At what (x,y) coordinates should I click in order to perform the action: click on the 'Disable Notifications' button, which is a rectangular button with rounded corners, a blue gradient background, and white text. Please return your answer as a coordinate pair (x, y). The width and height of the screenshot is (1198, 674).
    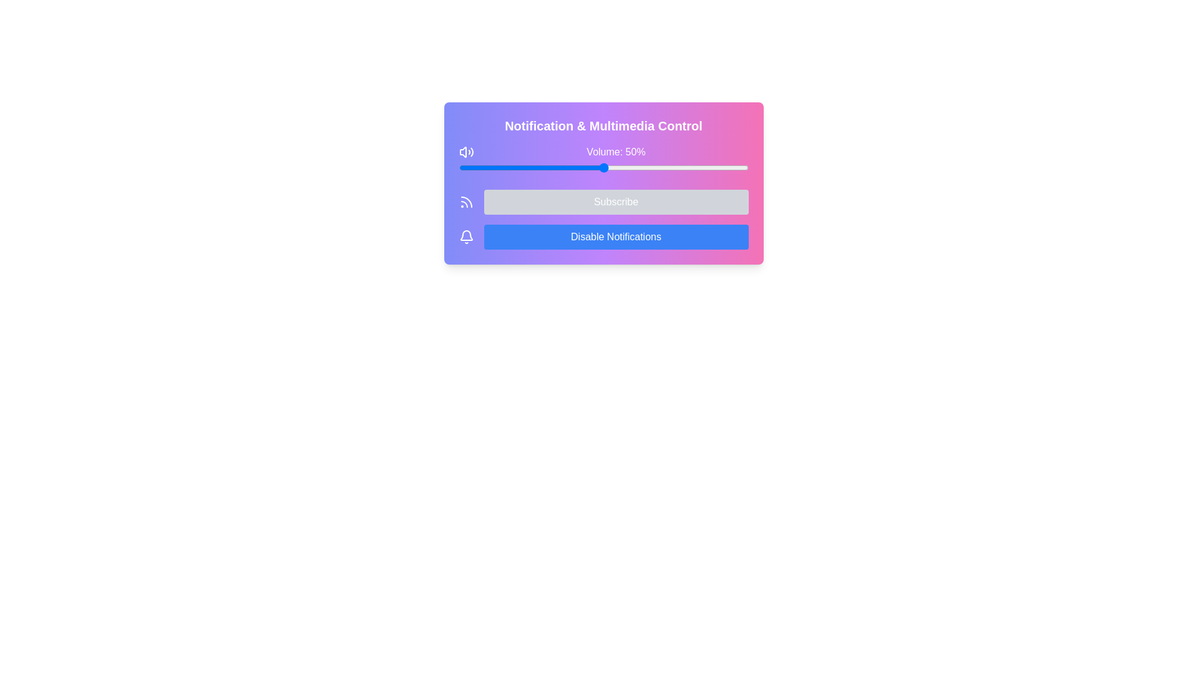
    Looking at the image, I should click on (603, 237).